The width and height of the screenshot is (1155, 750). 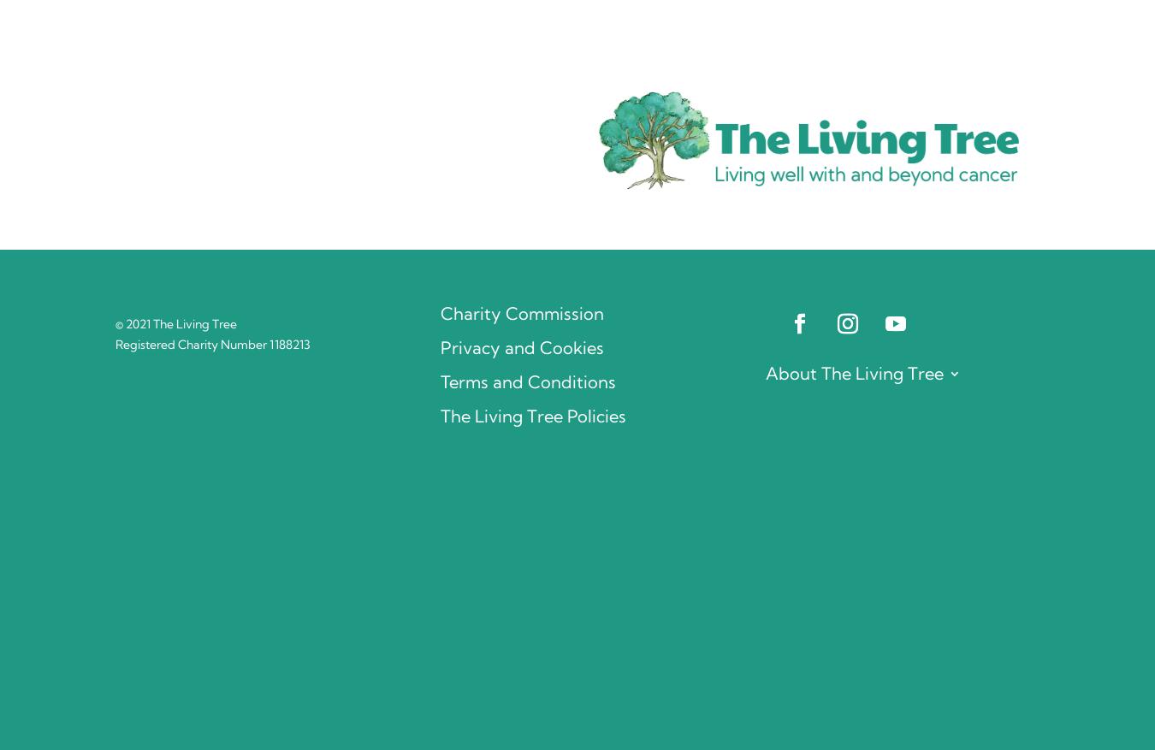 What do you see at coordinates (521, 313) in the screenshot?
I see `'Charity Commission'` at bounding box center [521, 313].